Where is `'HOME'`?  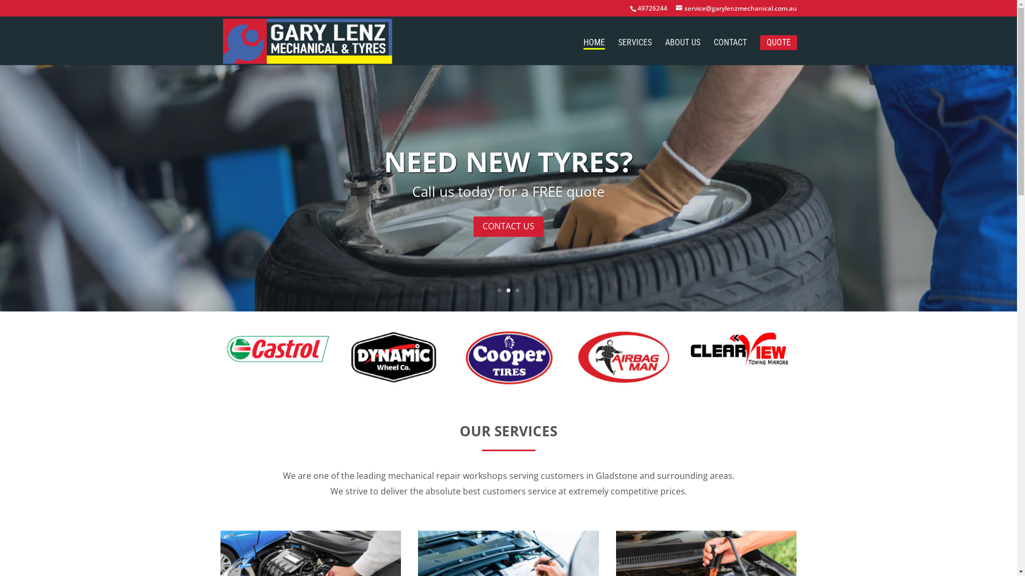 'HOME' is located at coordinates (582, 44).